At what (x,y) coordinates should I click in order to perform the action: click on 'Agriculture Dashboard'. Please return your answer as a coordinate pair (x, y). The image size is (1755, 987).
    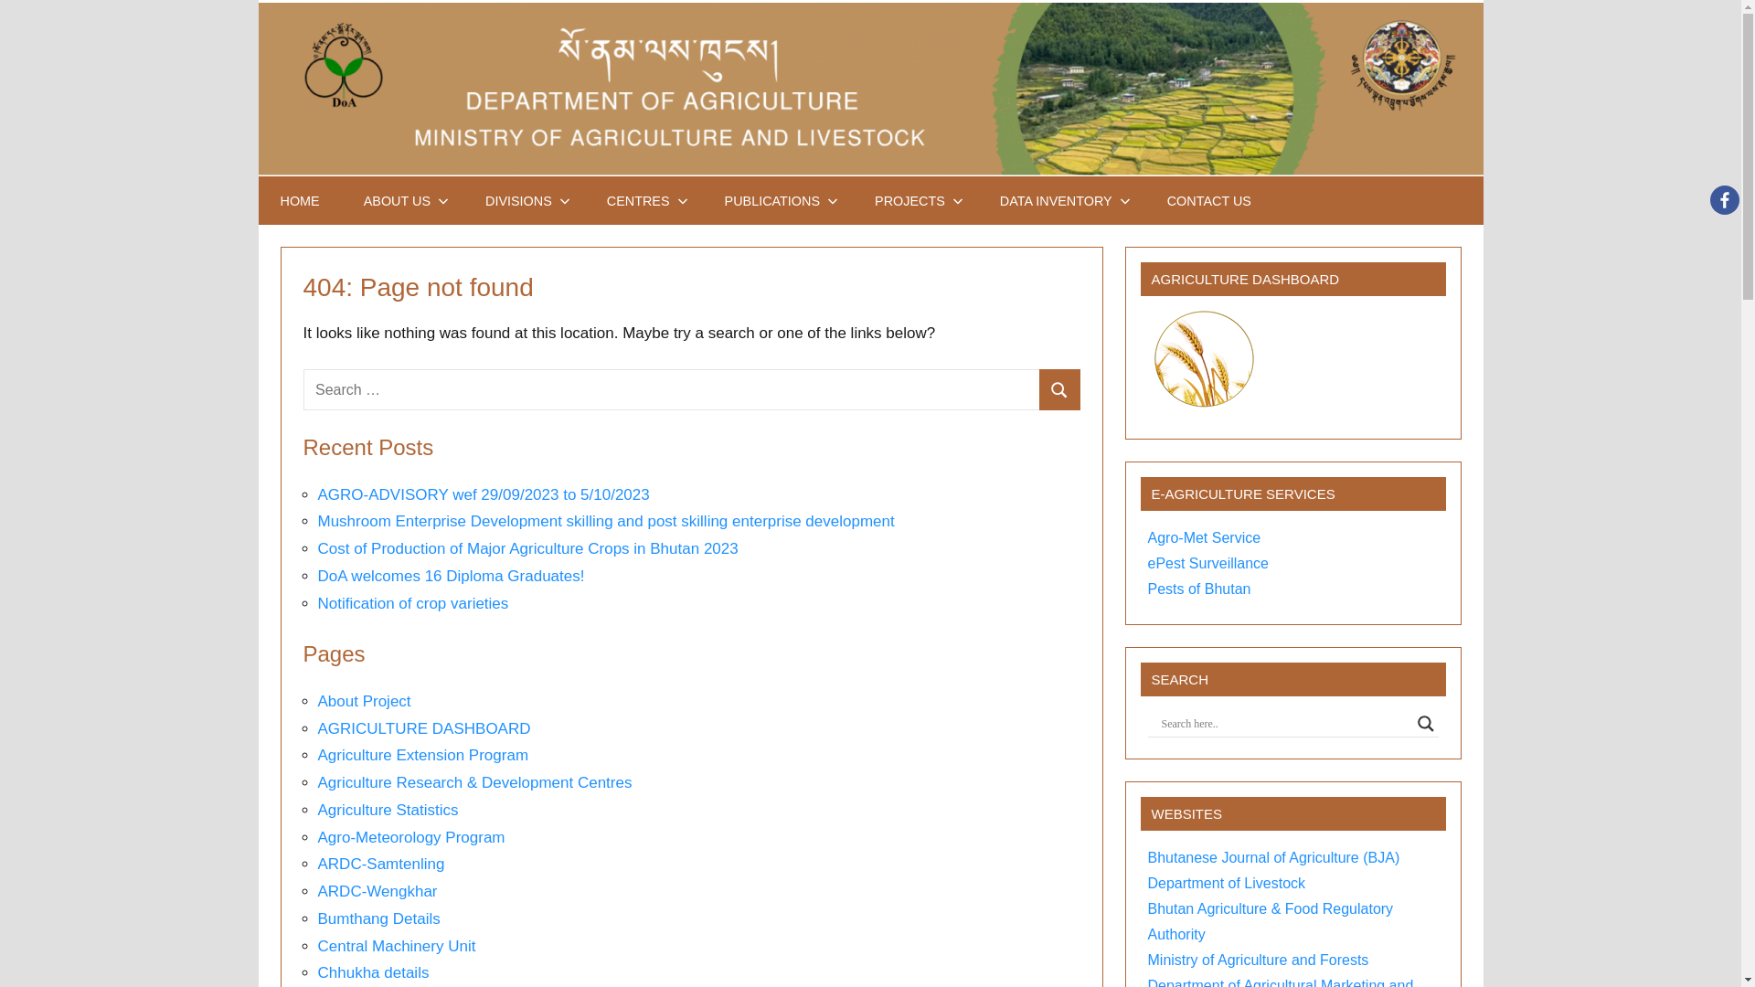
    Looking at the image, I should click on (1204, 359).